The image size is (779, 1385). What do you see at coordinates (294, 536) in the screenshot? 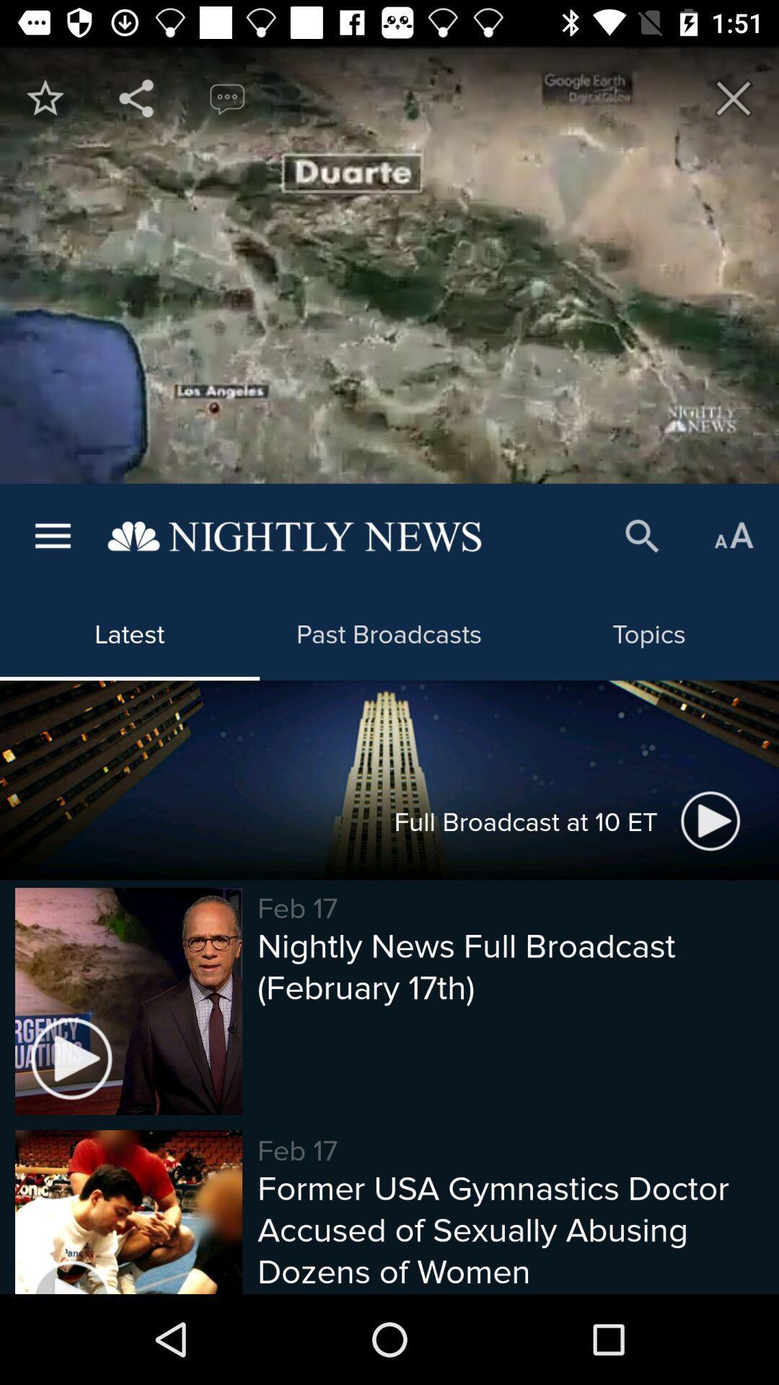
I see `the item above latest` at bounding box center [294, 536].